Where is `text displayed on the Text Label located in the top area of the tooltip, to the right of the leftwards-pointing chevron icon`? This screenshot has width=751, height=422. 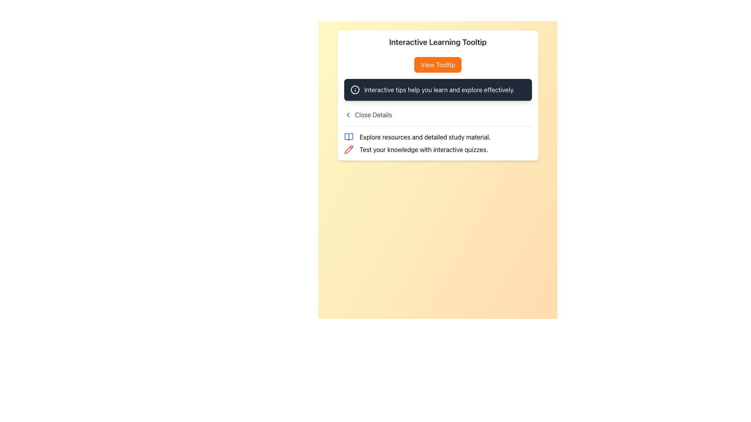 text displayed on the Text Label located in the top area of the tooltip, to the right of the leftwards-pointing chevron icon is located at coordinates (373, 114).